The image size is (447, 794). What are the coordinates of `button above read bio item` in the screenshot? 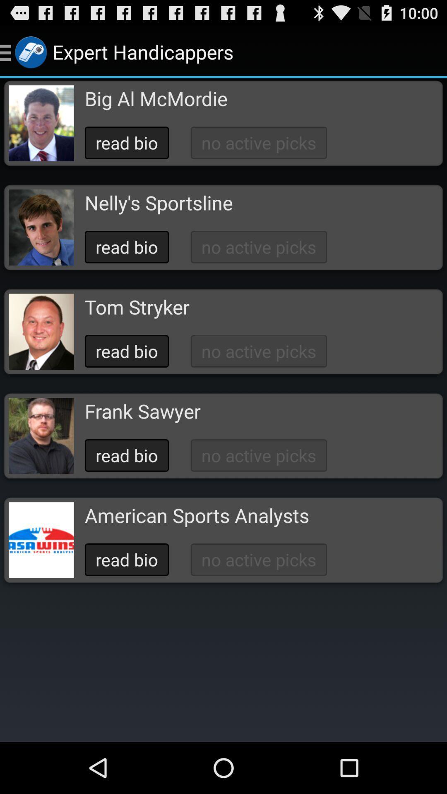 It's located at (137, 306).